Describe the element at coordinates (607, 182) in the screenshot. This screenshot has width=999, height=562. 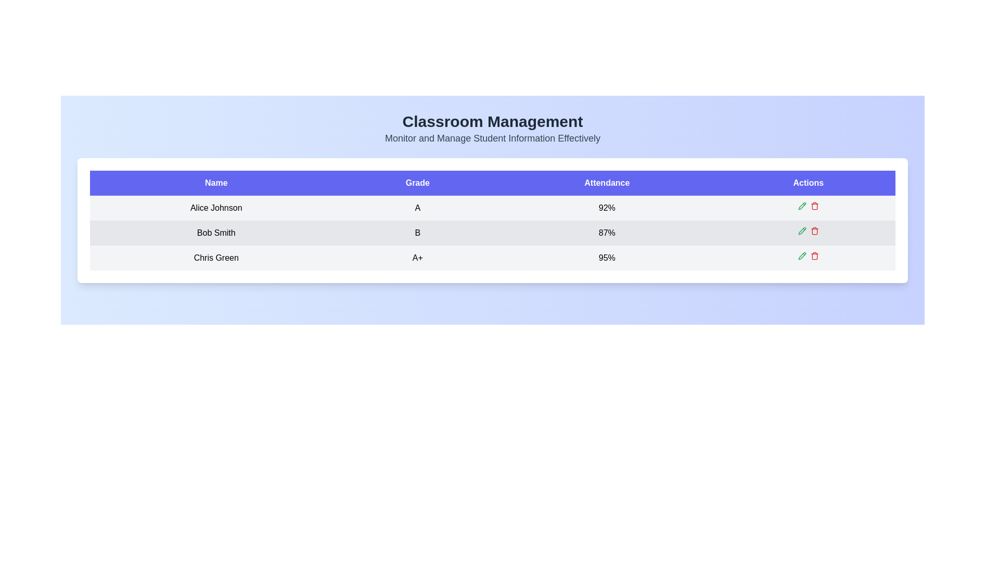
I see `the 'Attendance' column header cell to sort the attendance data in the table` at that location.